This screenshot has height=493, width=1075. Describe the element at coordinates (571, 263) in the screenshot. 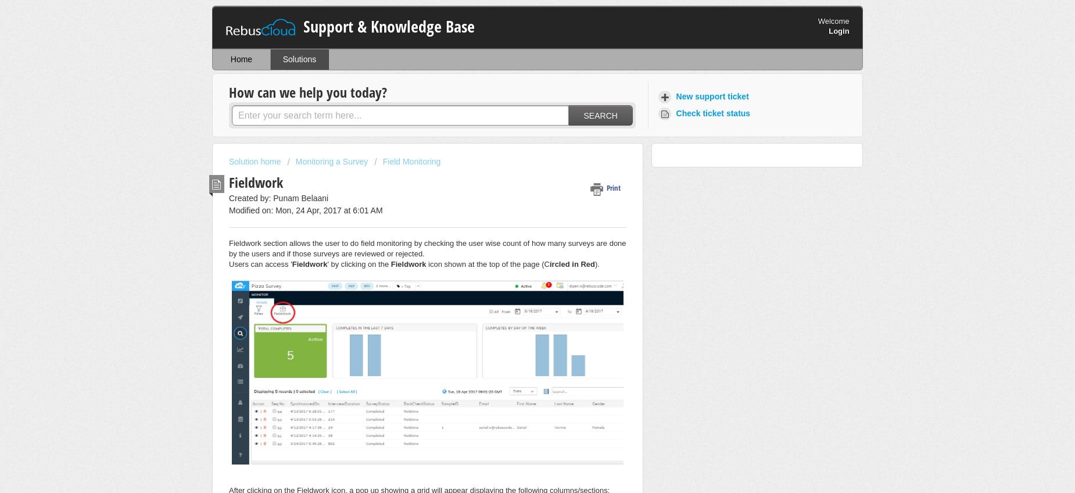

I see `'ircled in Red'` at that location.